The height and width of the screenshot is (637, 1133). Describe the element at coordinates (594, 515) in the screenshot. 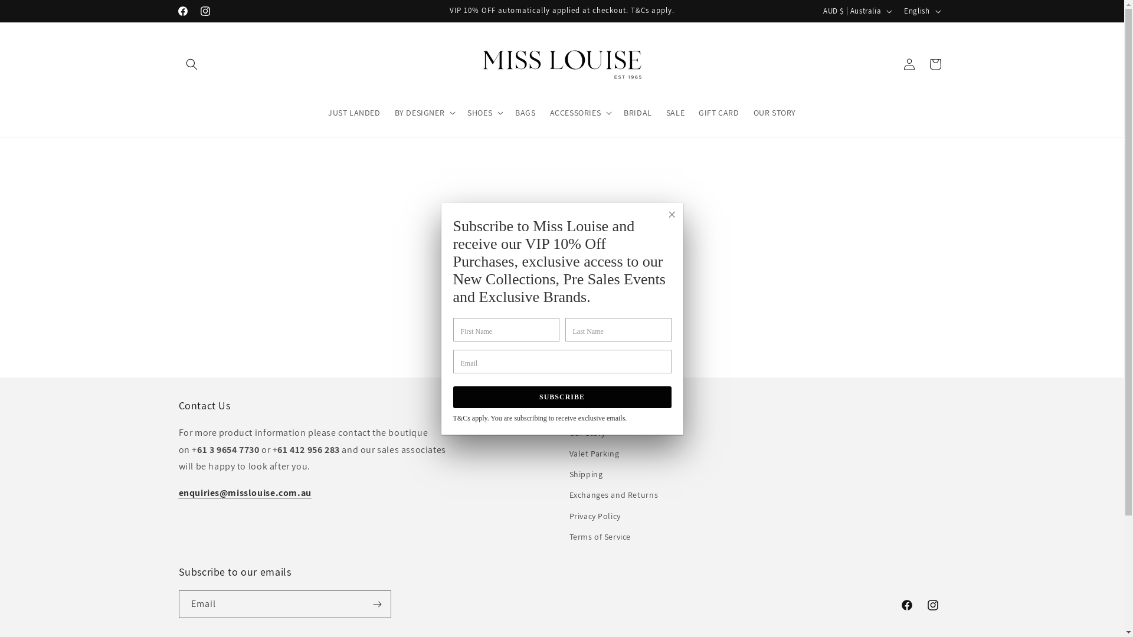

I see `'Privacy Policy'` at that location.